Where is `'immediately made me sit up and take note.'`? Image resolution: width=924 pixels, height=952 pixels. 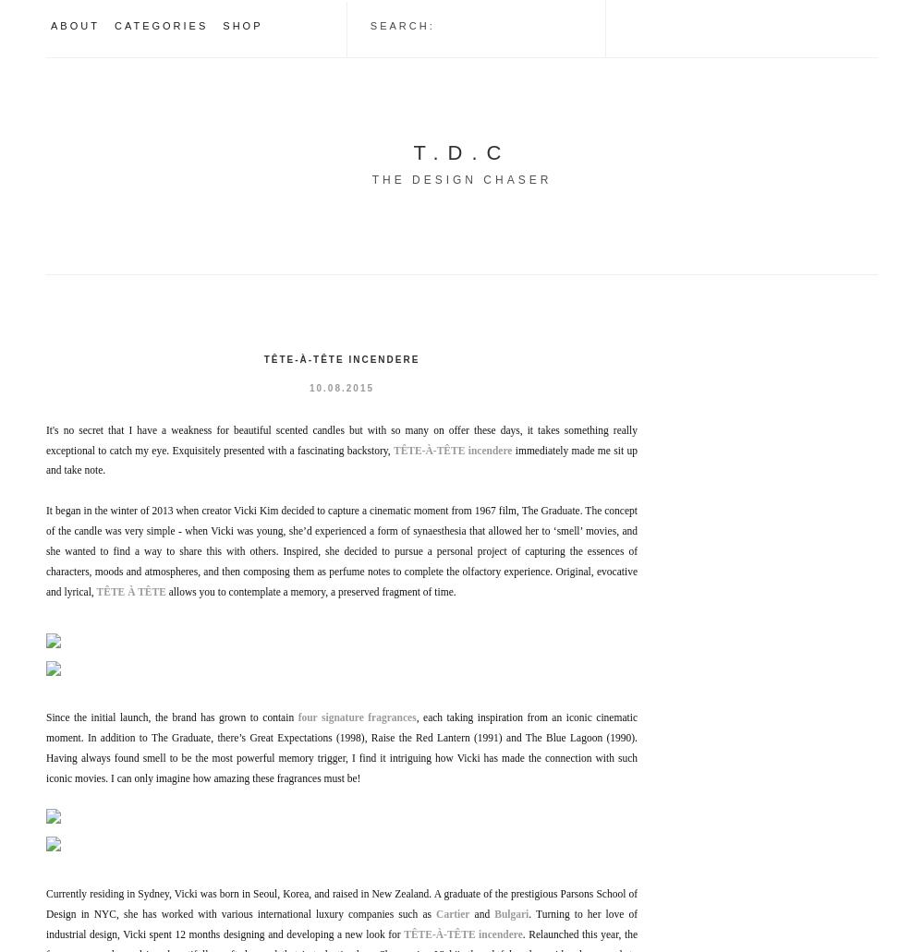 'immediately made me sit up and take note.' is located at coordinates (46, 459).